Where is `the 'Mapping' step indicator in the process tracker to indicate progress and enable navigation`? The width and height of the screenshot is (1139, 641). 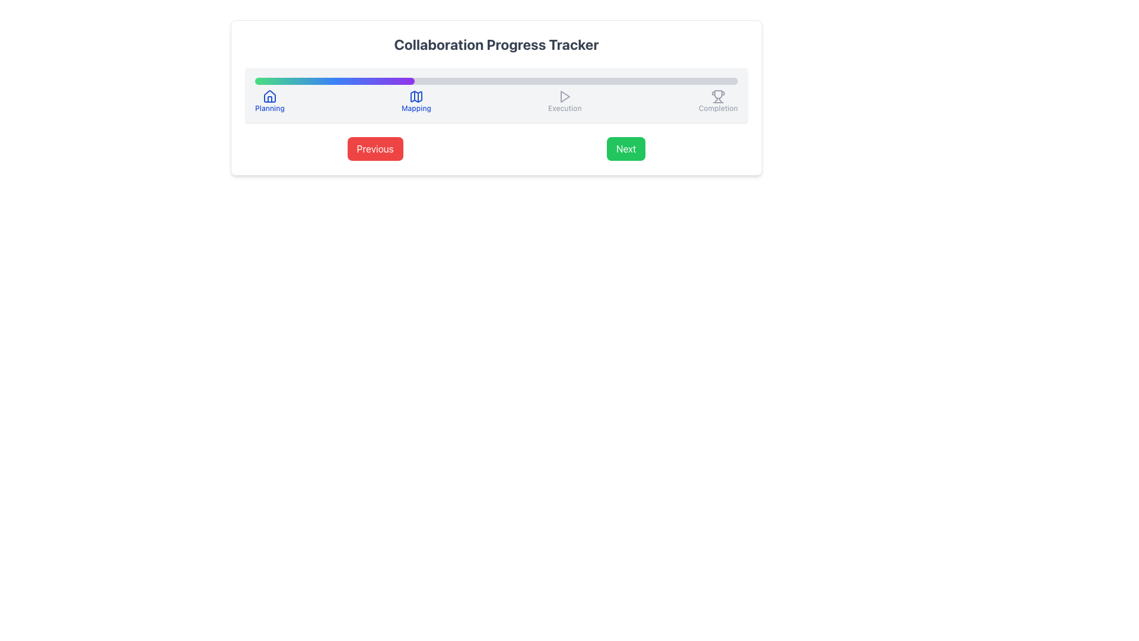 the 'Mapping' step indicator in the process tracker to indicate progress and enable navigation is located at coordinates (416, 100).